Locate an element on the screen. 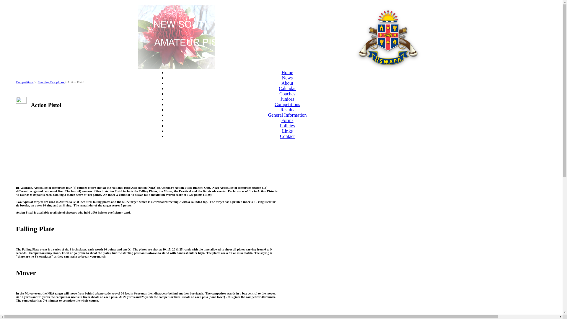 This screenshot has width=567, height=319. 'Shooting Discplines' is located at coordinates (51, 82).